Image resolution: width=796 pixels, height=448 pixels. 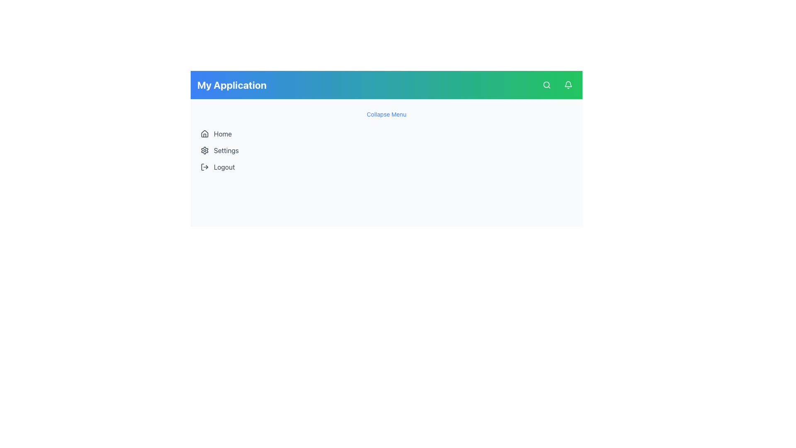 I want to click on the 'Home' navigation icon, which is the topmost icon in the vertical stack of navigation items, located to the left of the 'Home' text label, so click(x=205, y=133).